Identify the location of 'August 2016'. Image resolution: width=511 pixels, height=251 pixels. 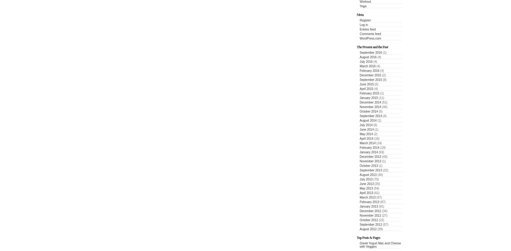
(368, 57).